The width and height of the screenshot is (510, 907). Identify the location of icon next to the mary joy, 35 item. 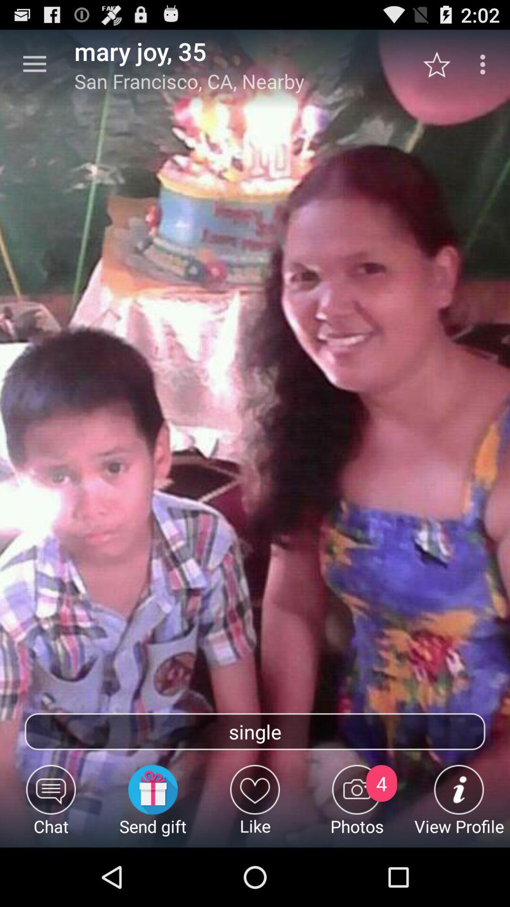
(34, 64).